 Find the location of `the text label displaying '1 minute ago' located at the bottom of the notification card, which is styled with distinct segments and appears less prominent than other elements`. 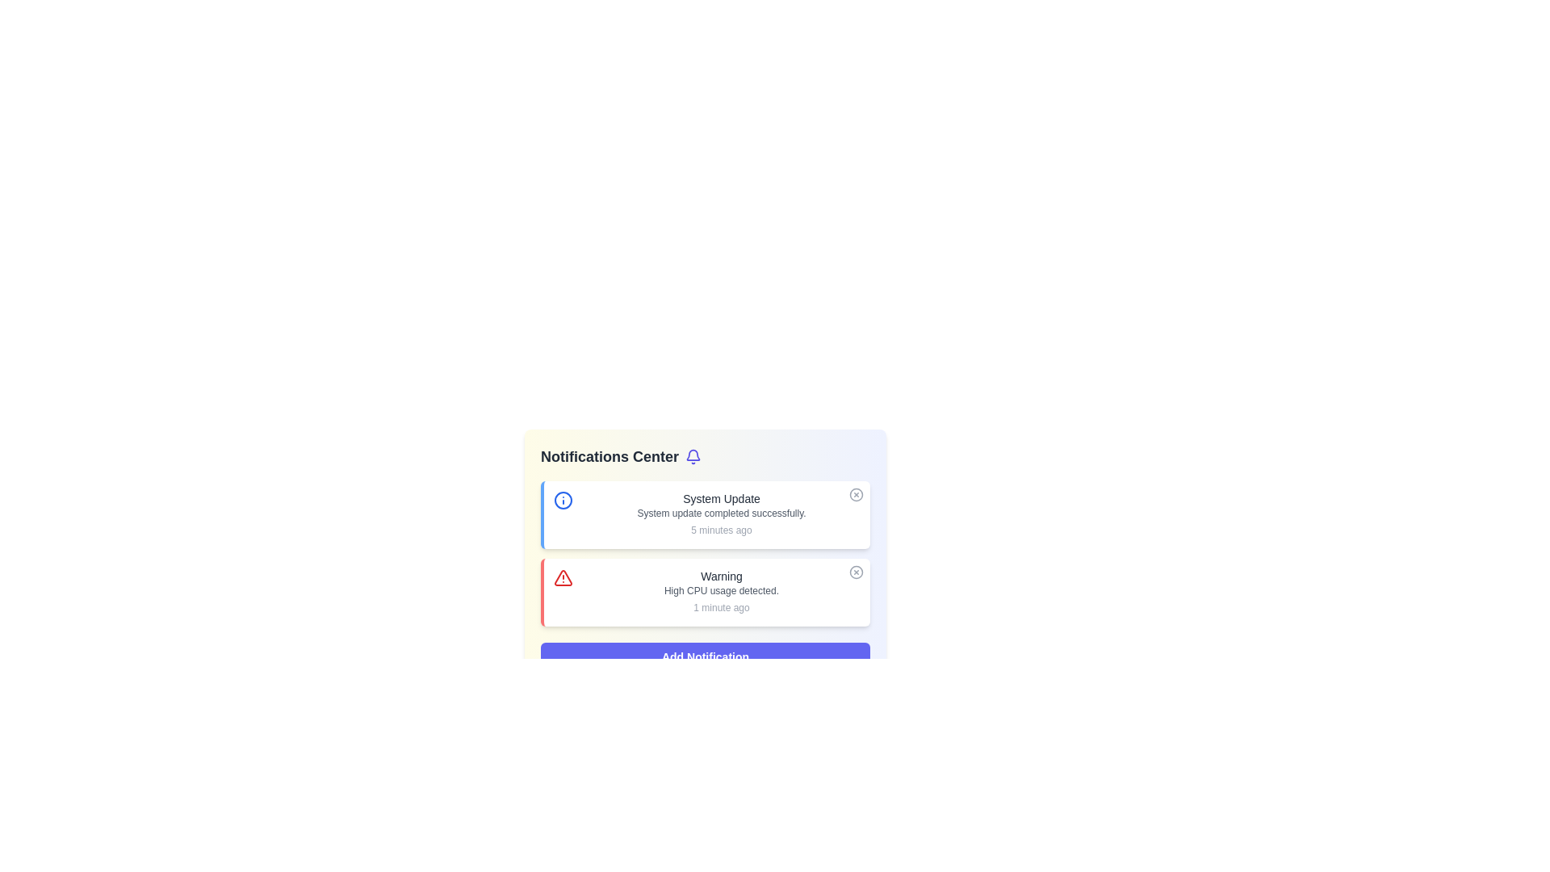

the text label displaying '1 minute ago' located at the bottom of the notification card, which is styled with distinct segments and appears less prominent than other elements is located at coordinates (720, 607).